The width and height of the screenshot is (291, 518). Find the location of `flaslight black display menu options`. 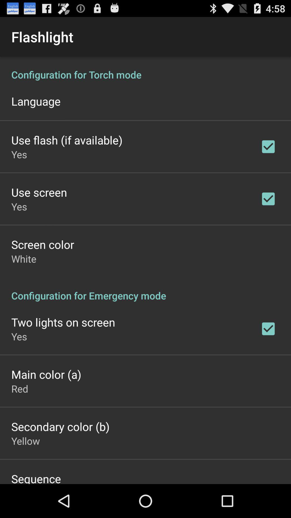

flaslight black display menu options is located at coordinates (145, 270).